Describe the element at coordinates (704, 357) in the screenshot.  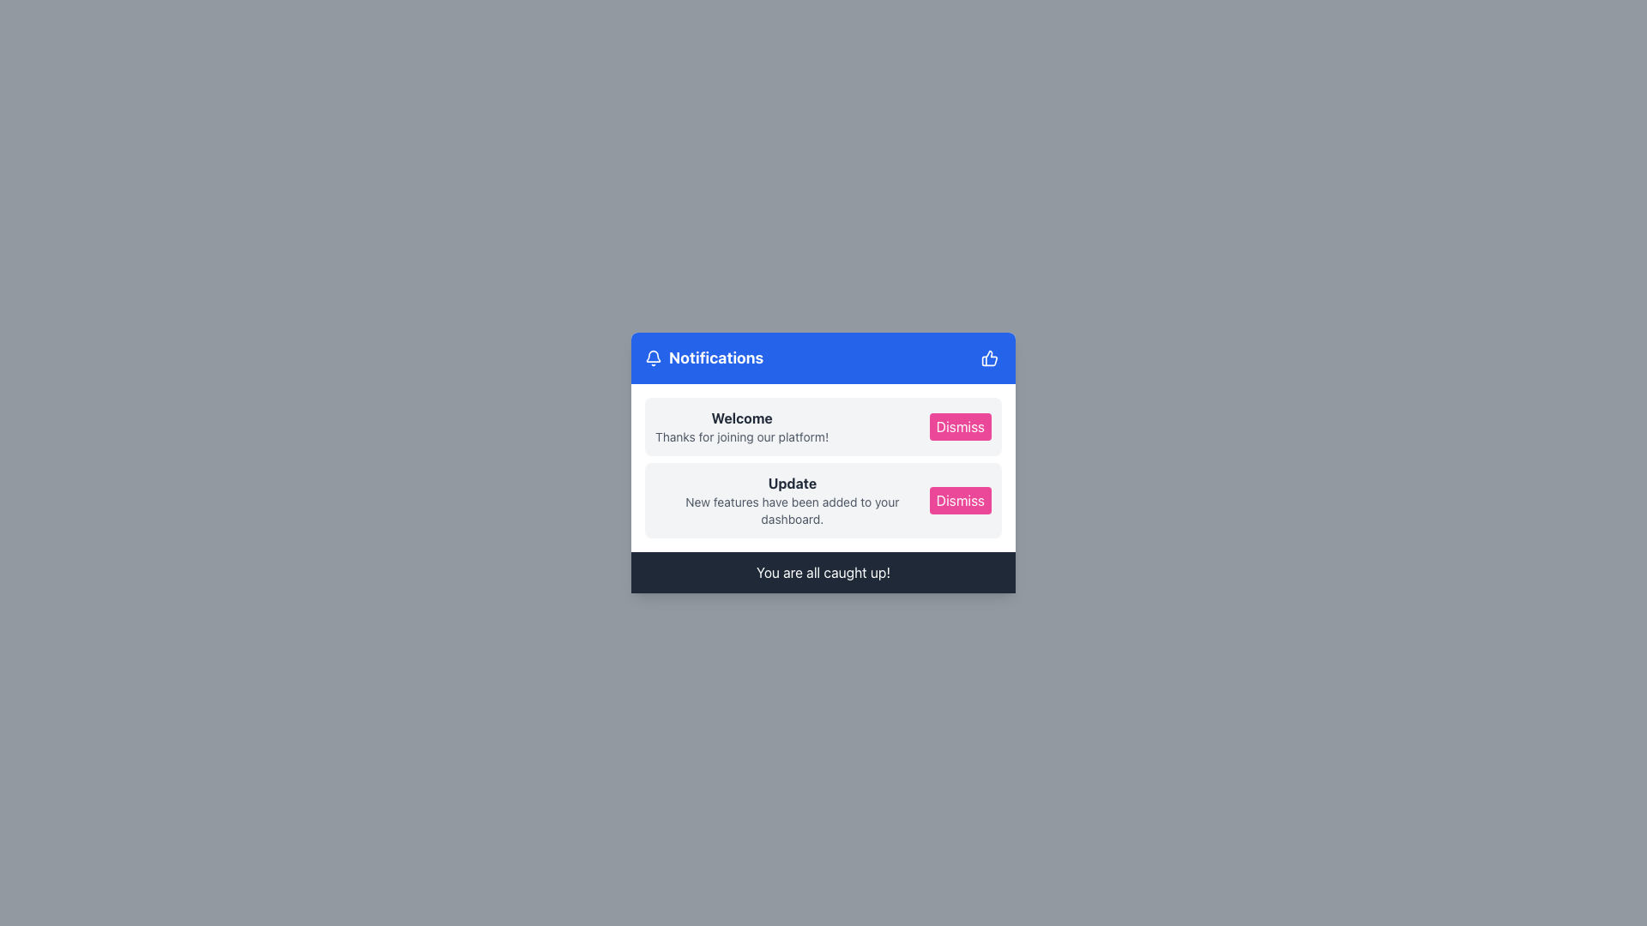
I see `the 'Notifications' text label with the accompanying bell icon, which is located in the upper-left section of the blue notification card` at that location.